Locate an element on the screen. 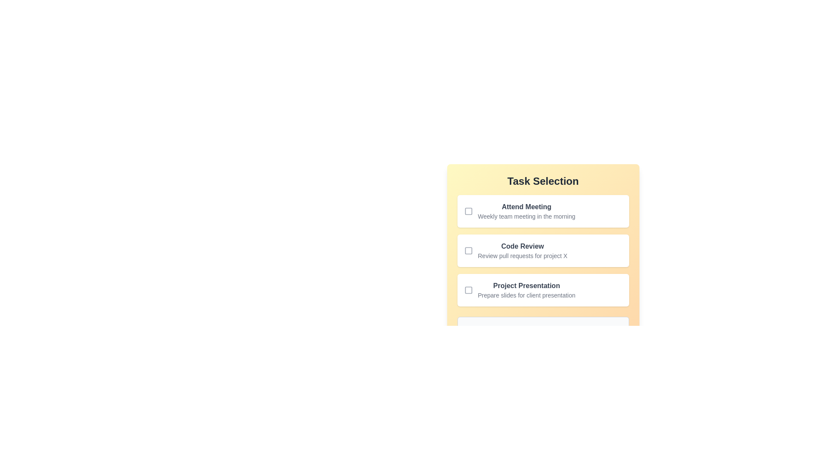 The image size is (824, 463). the static text label indicating the task option 'Code Review', which is located in the second item of a vertical list within the 'Task Selection' section is located at coordinates (522, 246).